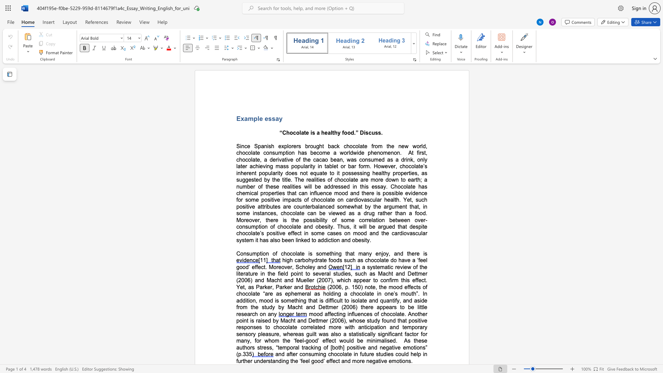 This screenshot has width=663, height=373. What do you see at coordinates (274, 206) in the screenshot?
I see `the subset text "es are counterbalan" within the text "for some positive impacts of chocolate on cardiovascular health. Yet, such positive attributes are counterbalanced"` at bounding box center [274, 206].